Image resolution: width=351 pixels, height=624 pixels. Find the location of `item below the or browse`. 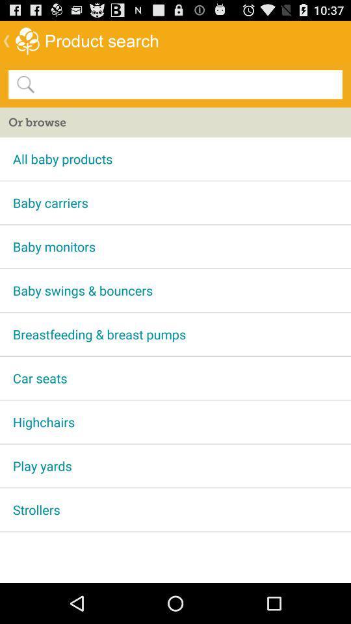

item below the or browse is located at coordinates (175, 158).